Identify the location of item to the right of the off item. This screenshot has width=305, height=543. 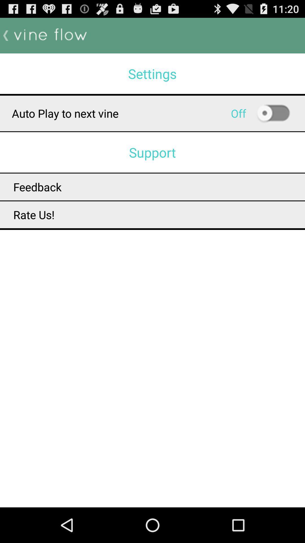
(273, 113).